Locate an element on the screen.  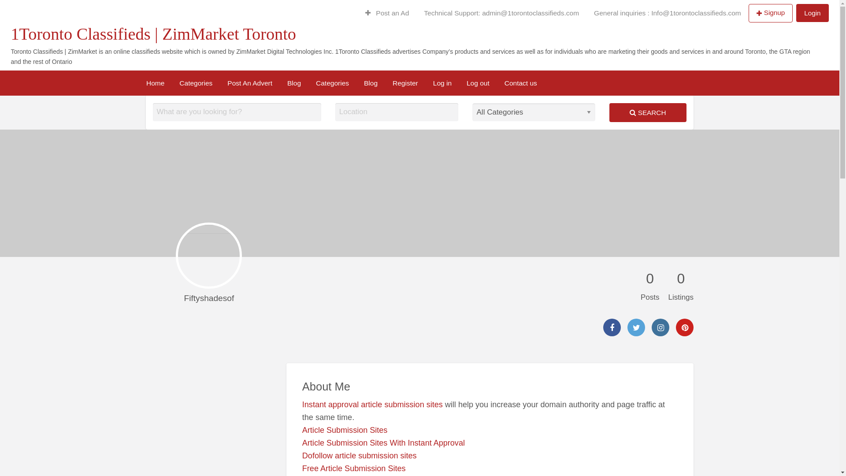
'Facebook' is located at coordinates (611, 327).